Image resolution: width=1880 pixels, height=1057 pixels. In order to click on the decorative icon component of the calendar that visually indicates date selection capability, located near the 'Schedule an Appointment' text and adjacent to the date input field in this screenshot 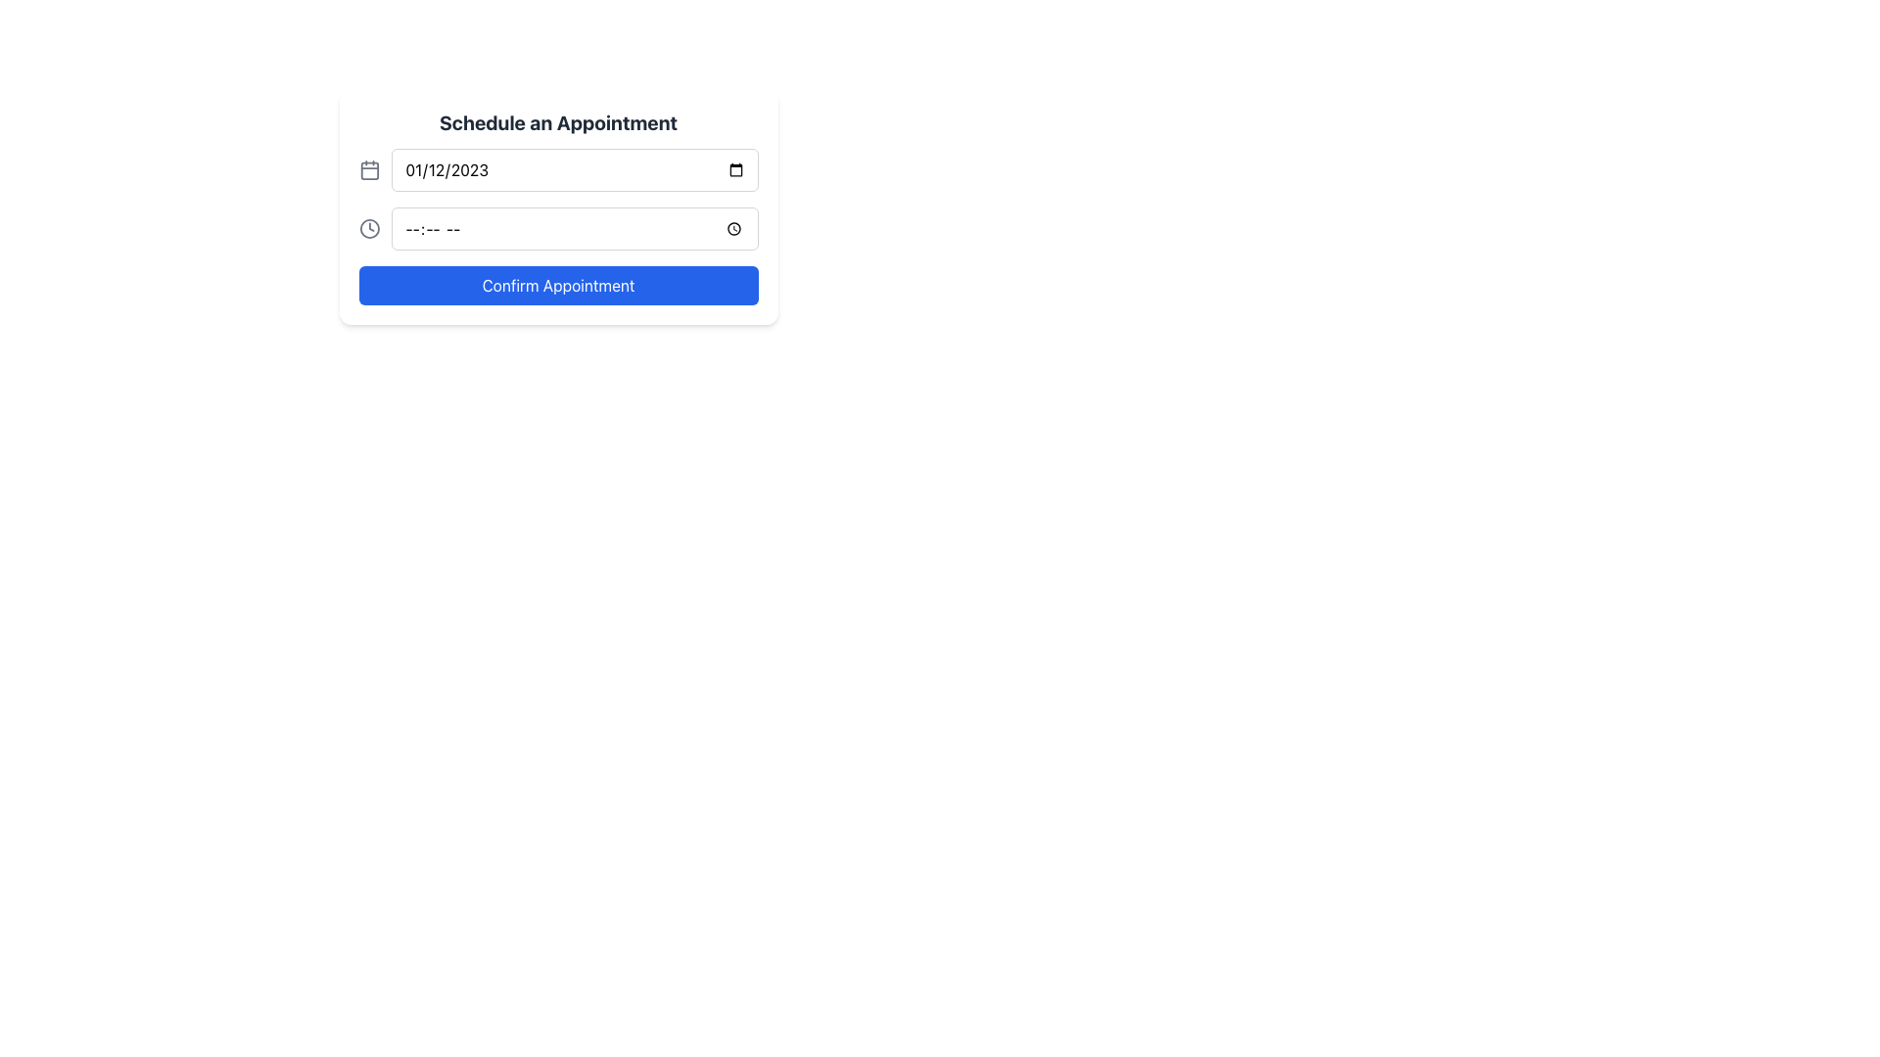, I will do `click(369, 169)`.